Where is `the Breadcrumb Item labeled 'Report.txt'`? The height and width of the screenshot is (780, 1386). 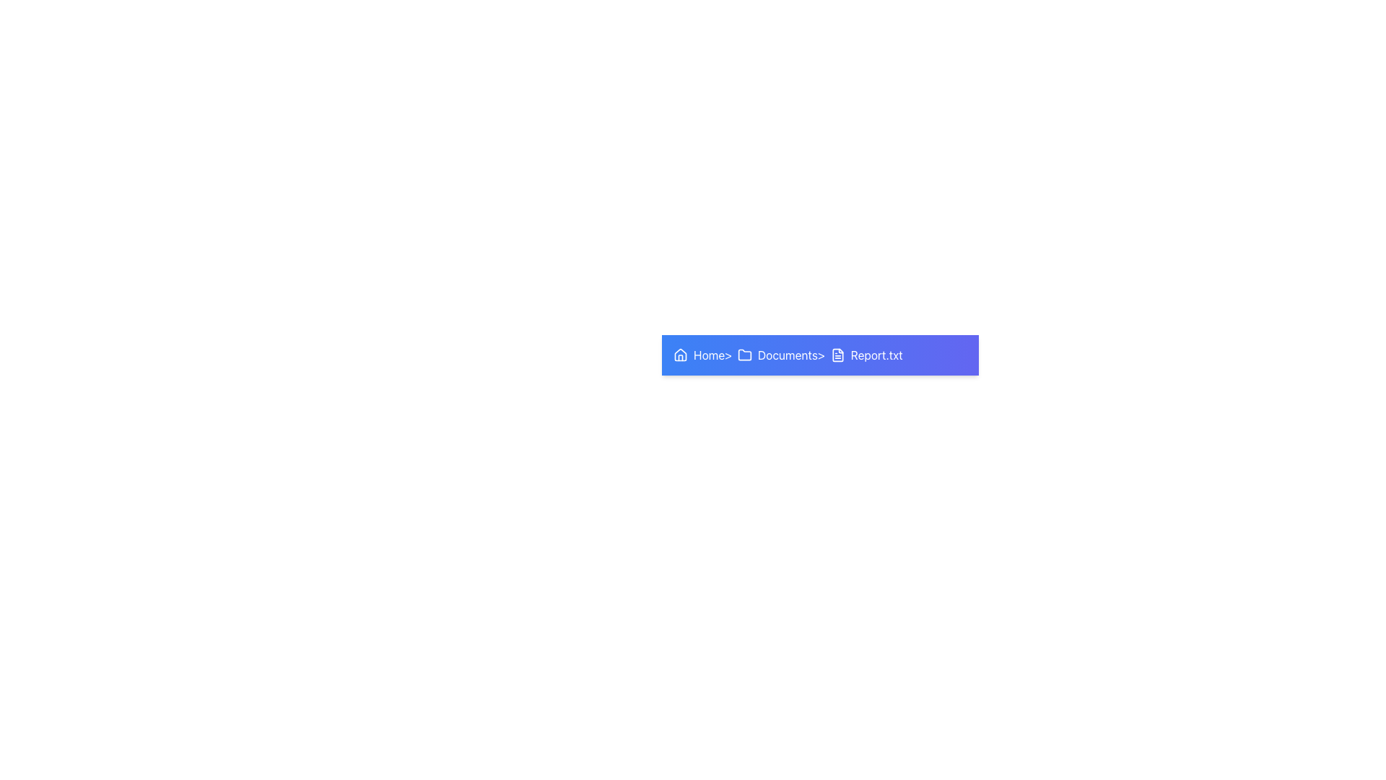
the Breadcrumb Item labeled 'Report.txt' is located at coordinates (866, 355).